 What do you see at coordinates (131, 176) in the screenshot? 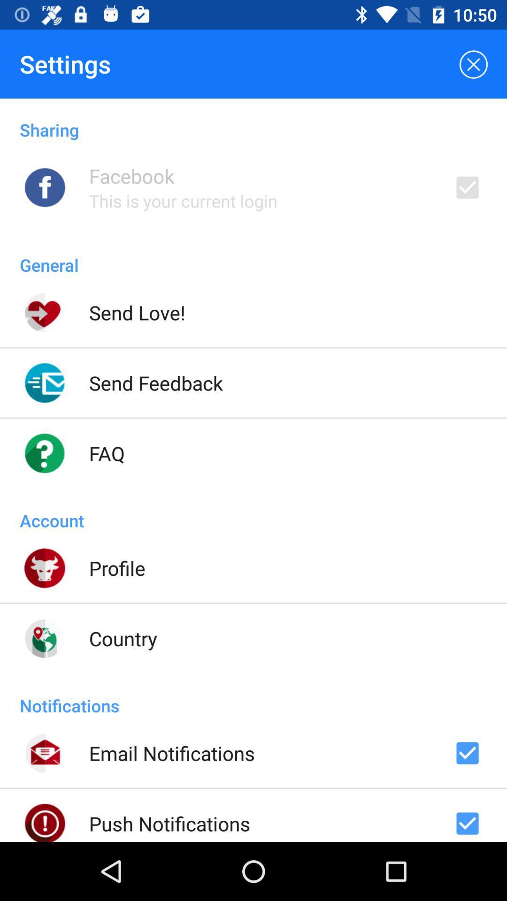
I see `facebook item` at bounding box center [131, 176].